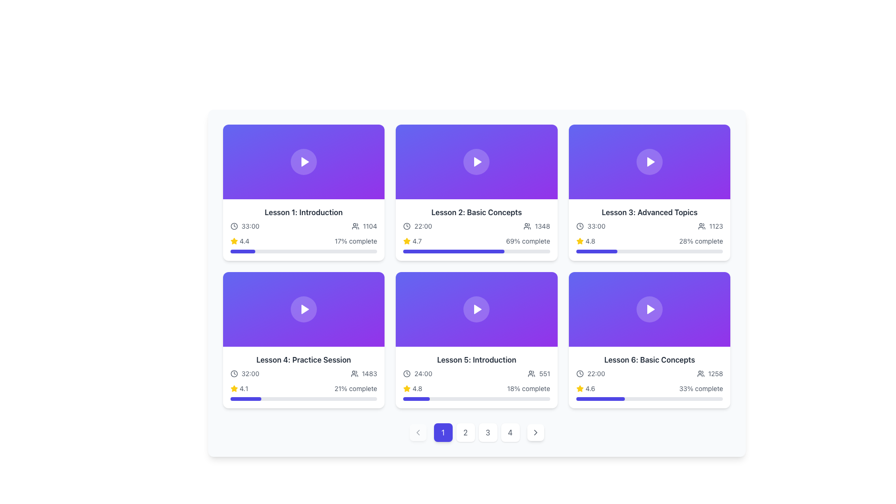 The image size is (896, 504). What do you see at coordinates (649, 251) in the screenshot?
I see `the progress bar indicating 28% completion of 'Lesson 3: Advanced Topics', located in the third card from the left in the top row of a grid layout` at bounding box center [649, 251].